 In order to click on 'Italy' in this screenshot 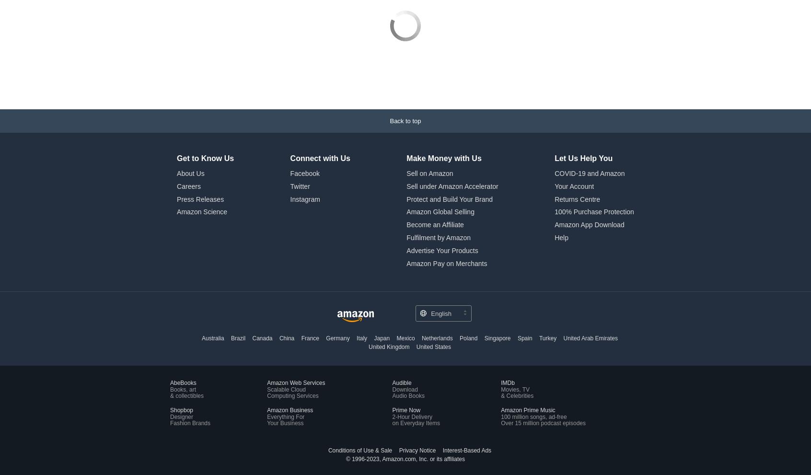, I will do `click(356, 274)`.